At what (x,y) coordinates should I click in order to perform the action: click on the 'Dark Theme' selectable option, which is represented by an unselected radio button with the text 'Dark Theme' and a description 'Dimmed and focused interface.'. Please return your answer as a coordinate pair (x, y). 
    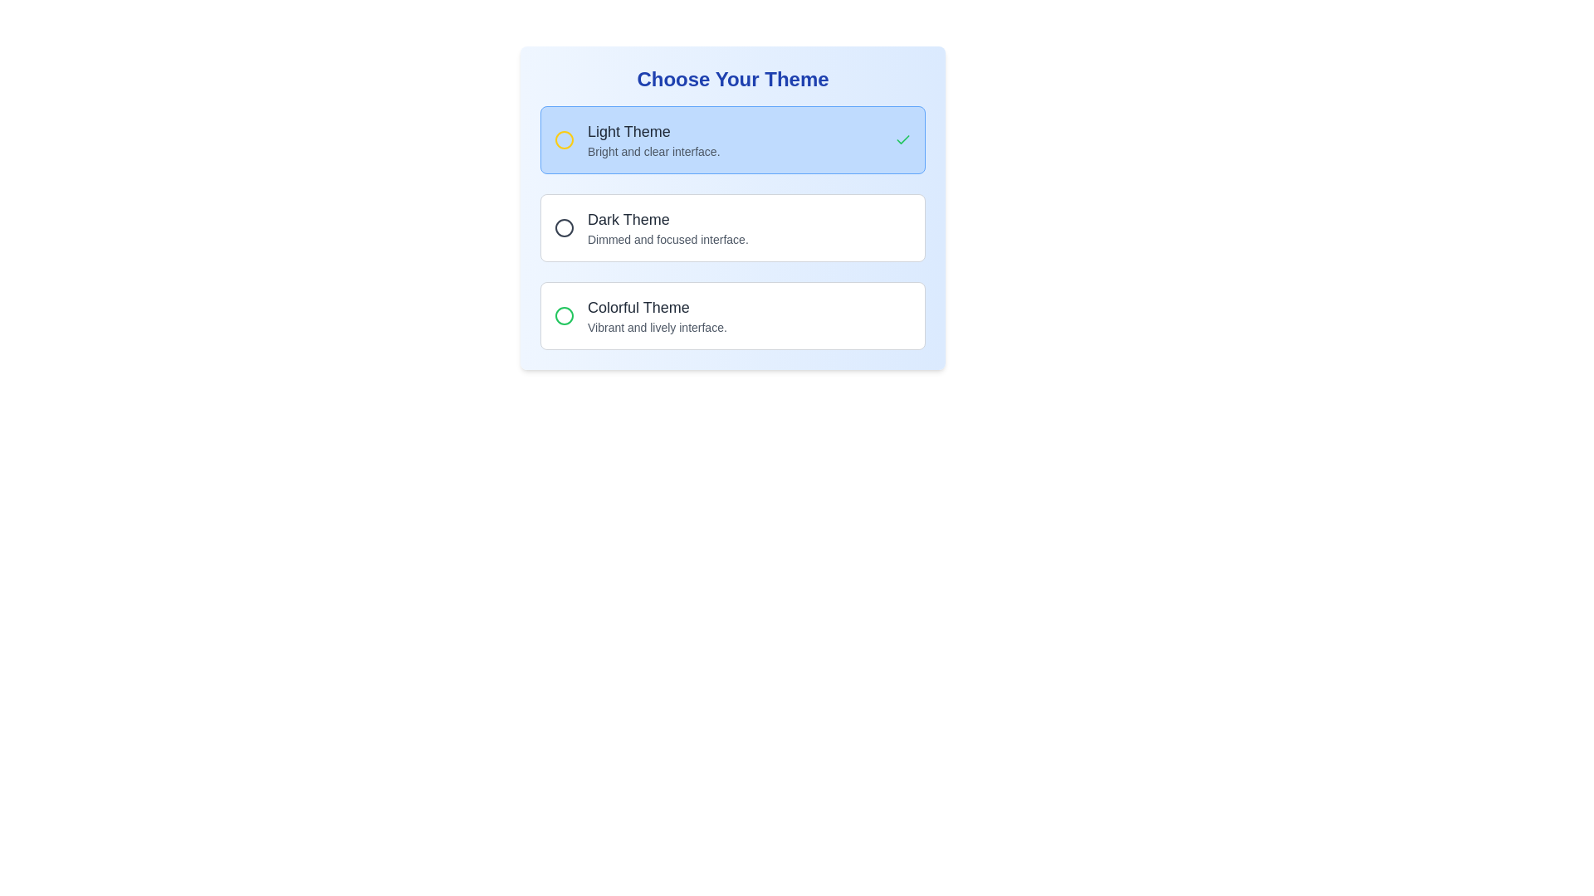
    Looking at the image, I should click on (732, 227).